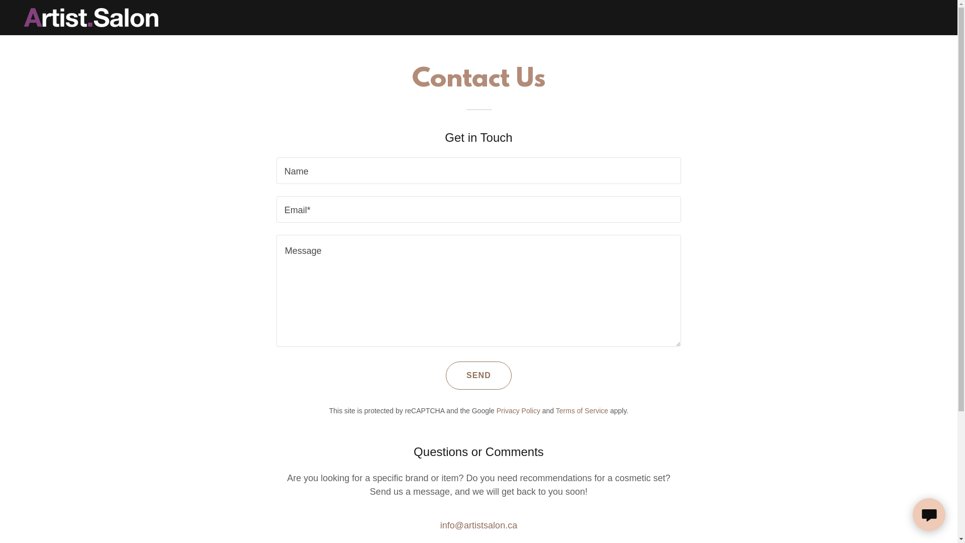 This screenshot has width=965, height=543. What do you see at coordinates (582, 411) in the screenshot?
I see `'Terms of Service'` at bounding box center [582, 411].